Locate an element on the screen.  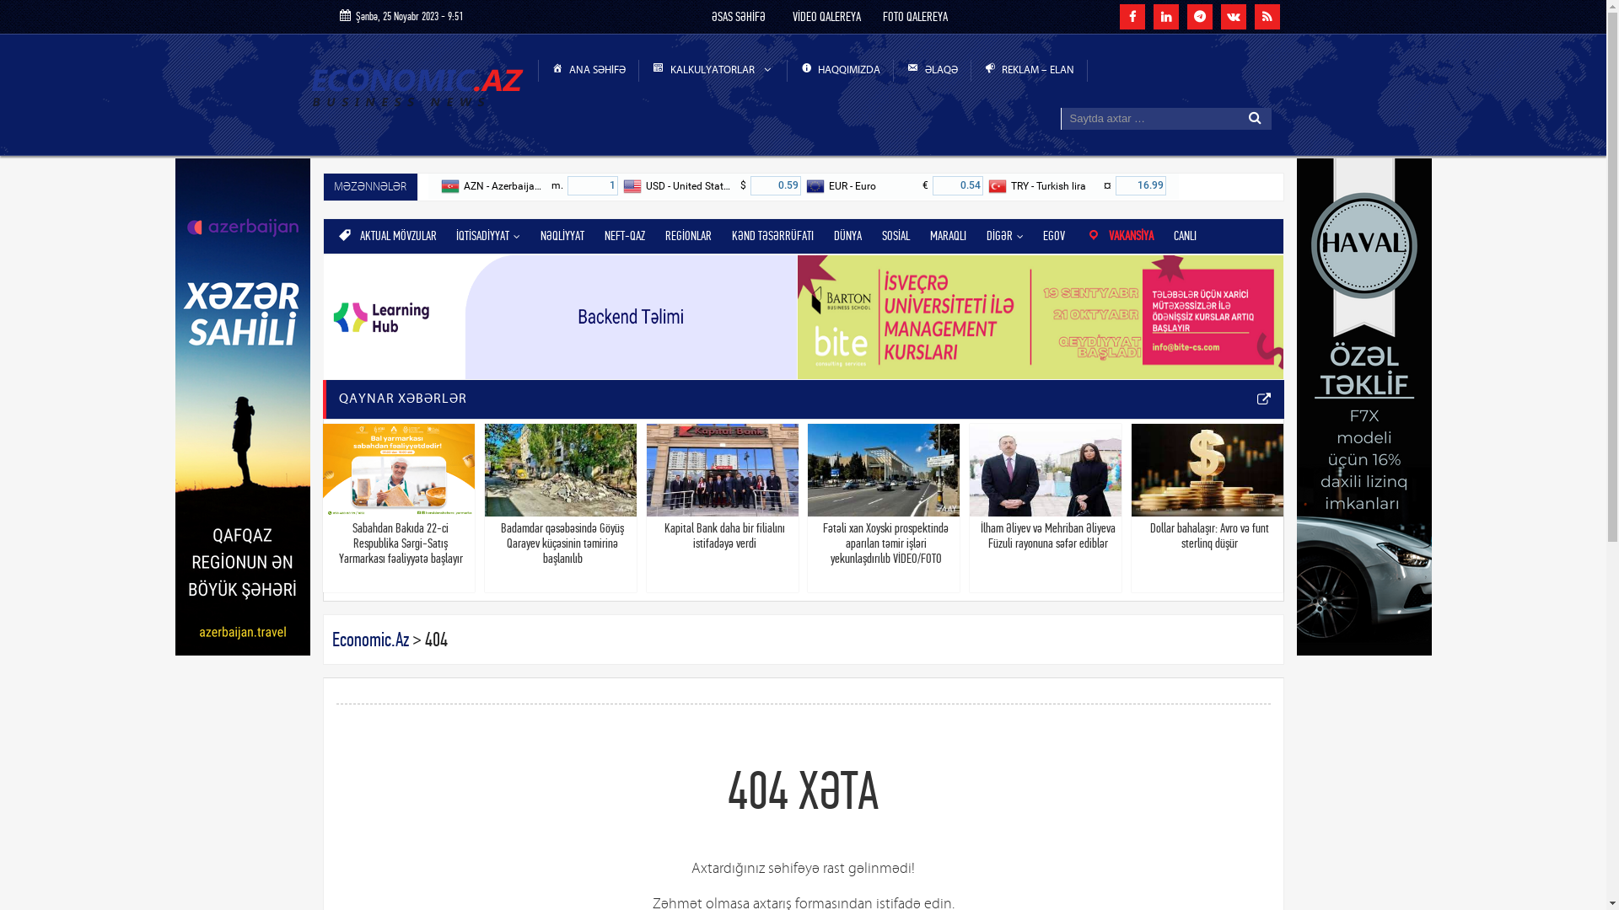
'Economic.Az' is located at coordinates (369, 640).